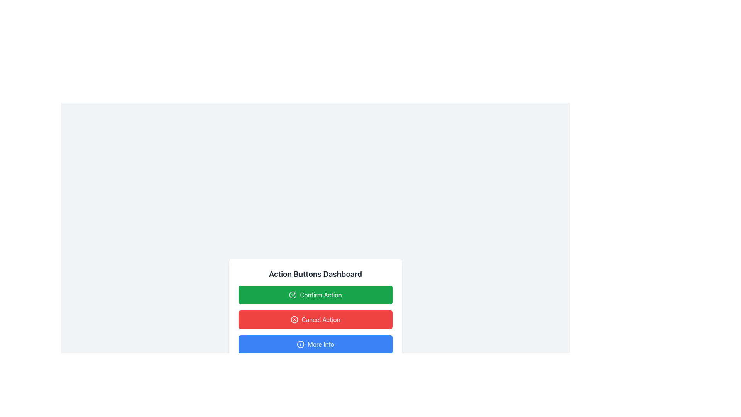 Image resolution: width=741 pixels, height=417 pixels. Describe the element at coordinates (315, 320) in the screenshot. I see `the Cancel Action button, which has a bright red background and white text, located centrally below the Confirm Action button and above the More Info button` at that location.